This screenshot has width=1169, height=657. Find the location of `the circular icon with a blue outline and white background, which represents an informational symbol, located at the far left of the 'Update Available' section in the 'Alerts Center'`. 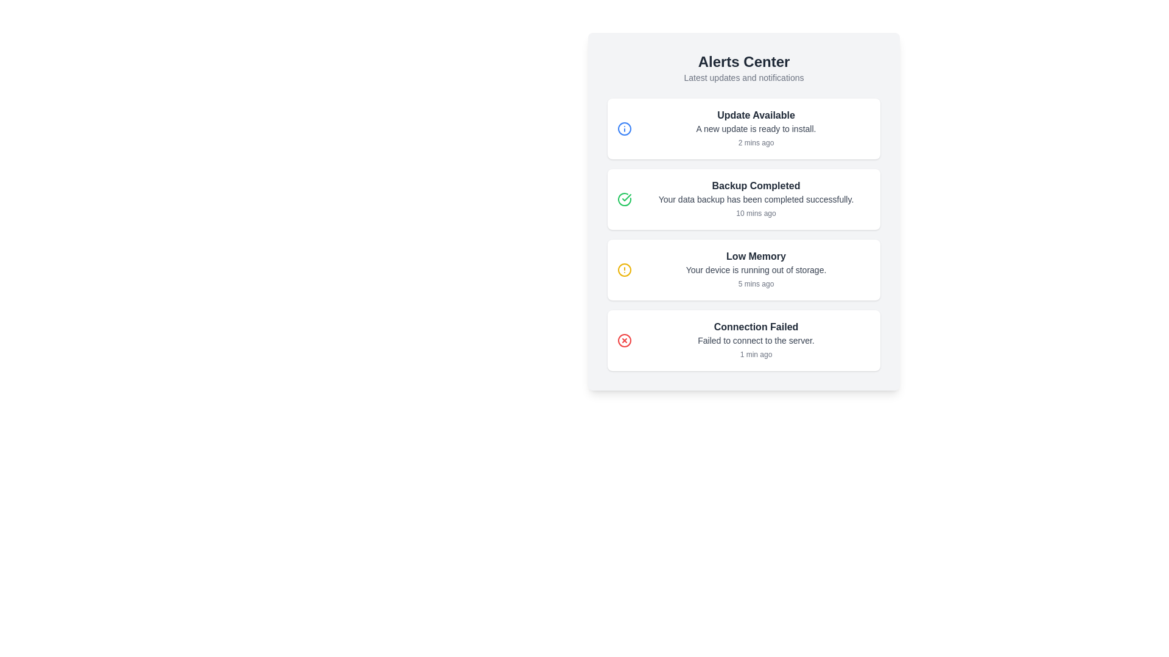

the circular icon with a blue outline and white background, which represents an informational symbol, located at the far left of the 'Update Available' section in the 'Alerts Center' is located at coordinates (625, 129).